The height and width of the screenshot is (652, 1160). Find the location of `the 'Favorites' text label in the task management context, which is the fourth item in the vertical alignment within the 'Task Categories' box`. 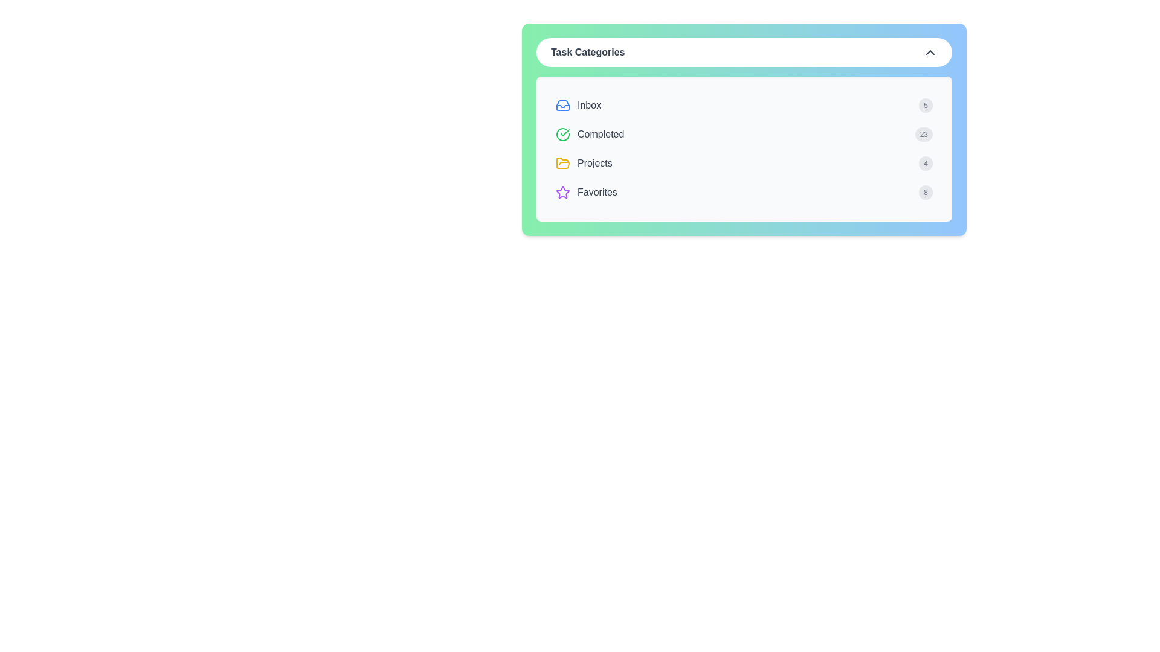

the 'Favorites' text label in the task management context, which is the fourth item in the vertical alignment within the 'Task Categories' box is located at coordinates (597, 192).